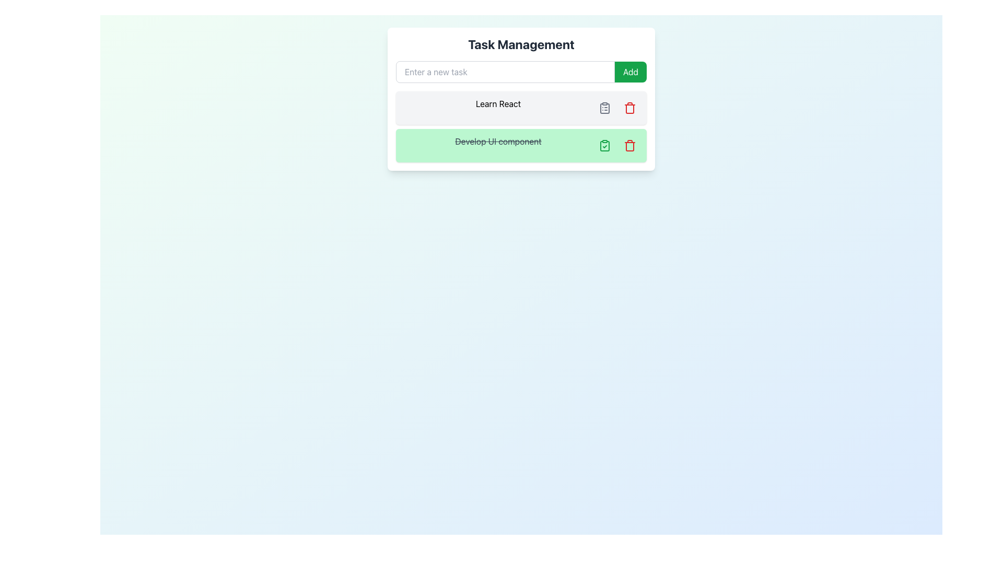  I want to click on the green circular button icon of a clipboard with a checkmark to mark the task as complete or checked, so click(604, 145).